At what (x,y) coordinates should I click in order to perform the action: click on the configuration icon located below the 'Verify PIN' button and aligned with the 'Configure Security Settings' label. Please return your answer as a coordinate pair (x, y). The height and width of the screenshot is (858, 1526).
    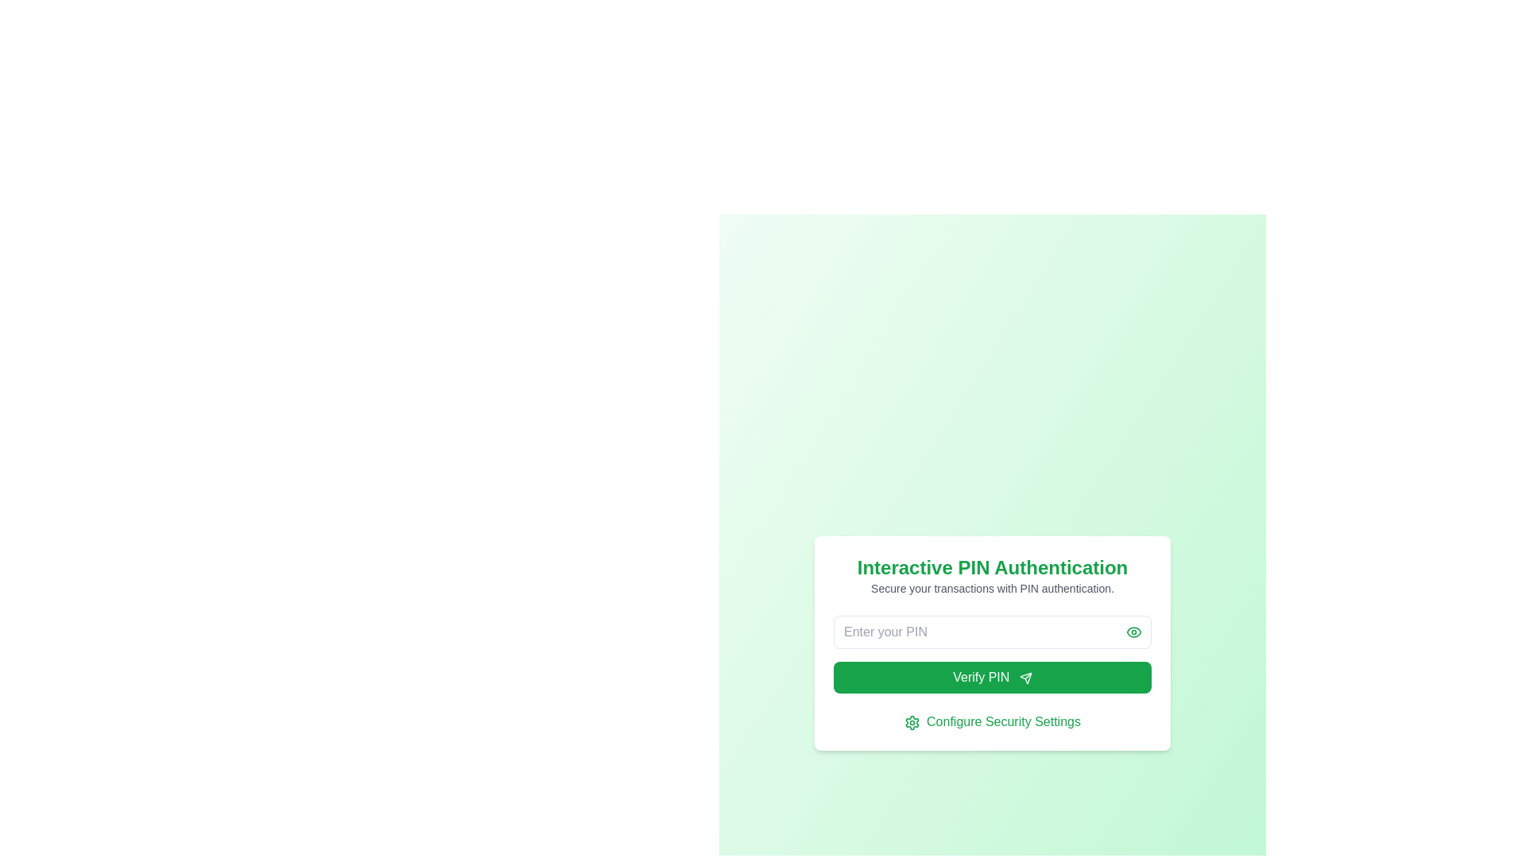
    Looking at the image, I should click on (912, 722).